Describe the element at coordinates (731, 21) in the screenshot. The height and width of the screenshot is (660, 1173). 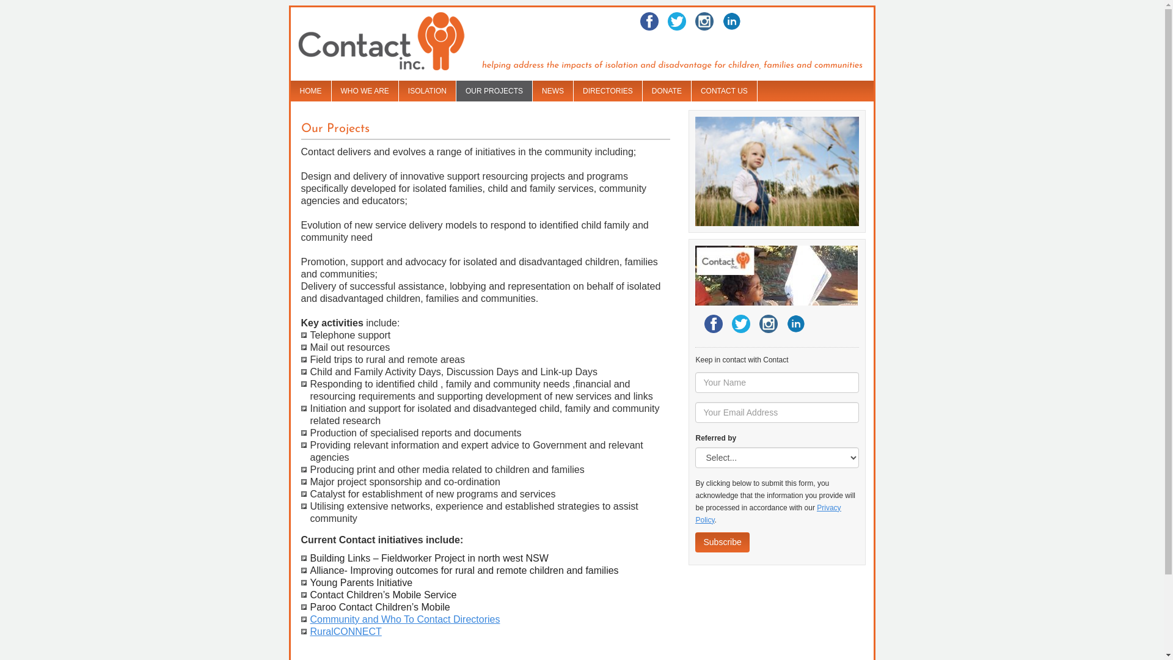
I see `'LinkedIn'` at that location.